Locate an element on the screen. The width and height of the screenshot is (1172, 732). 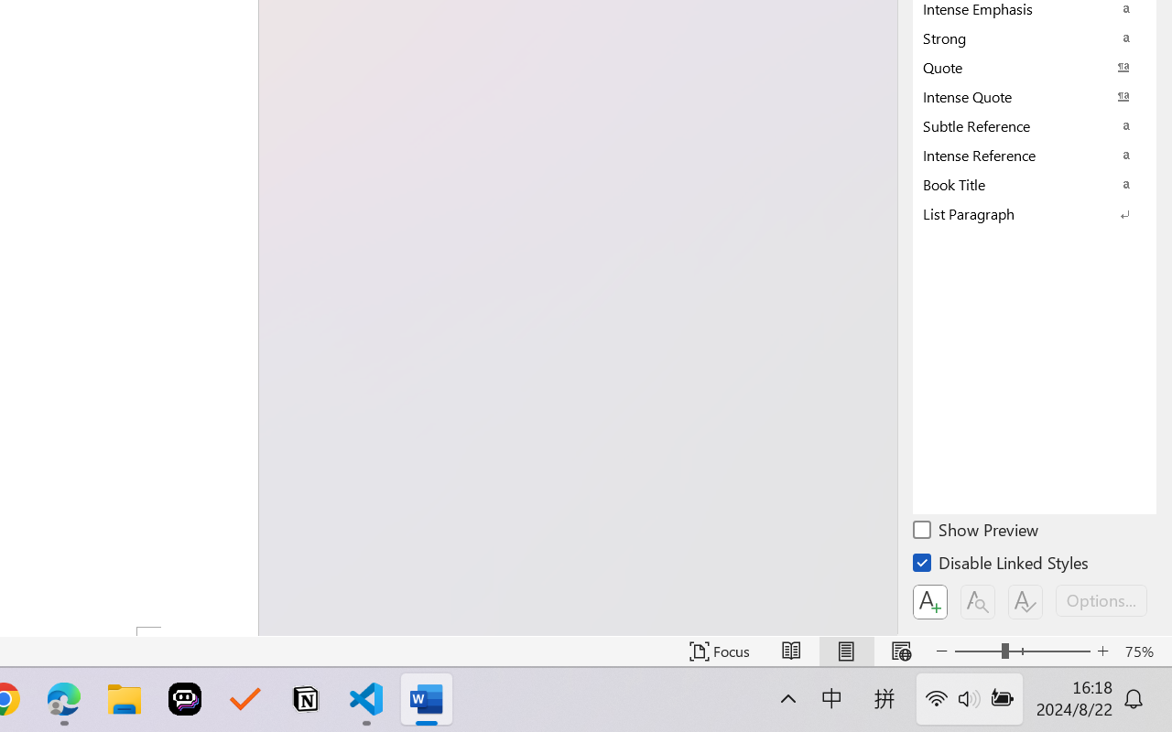
'Strong' is located at coordinates (1035, 37).